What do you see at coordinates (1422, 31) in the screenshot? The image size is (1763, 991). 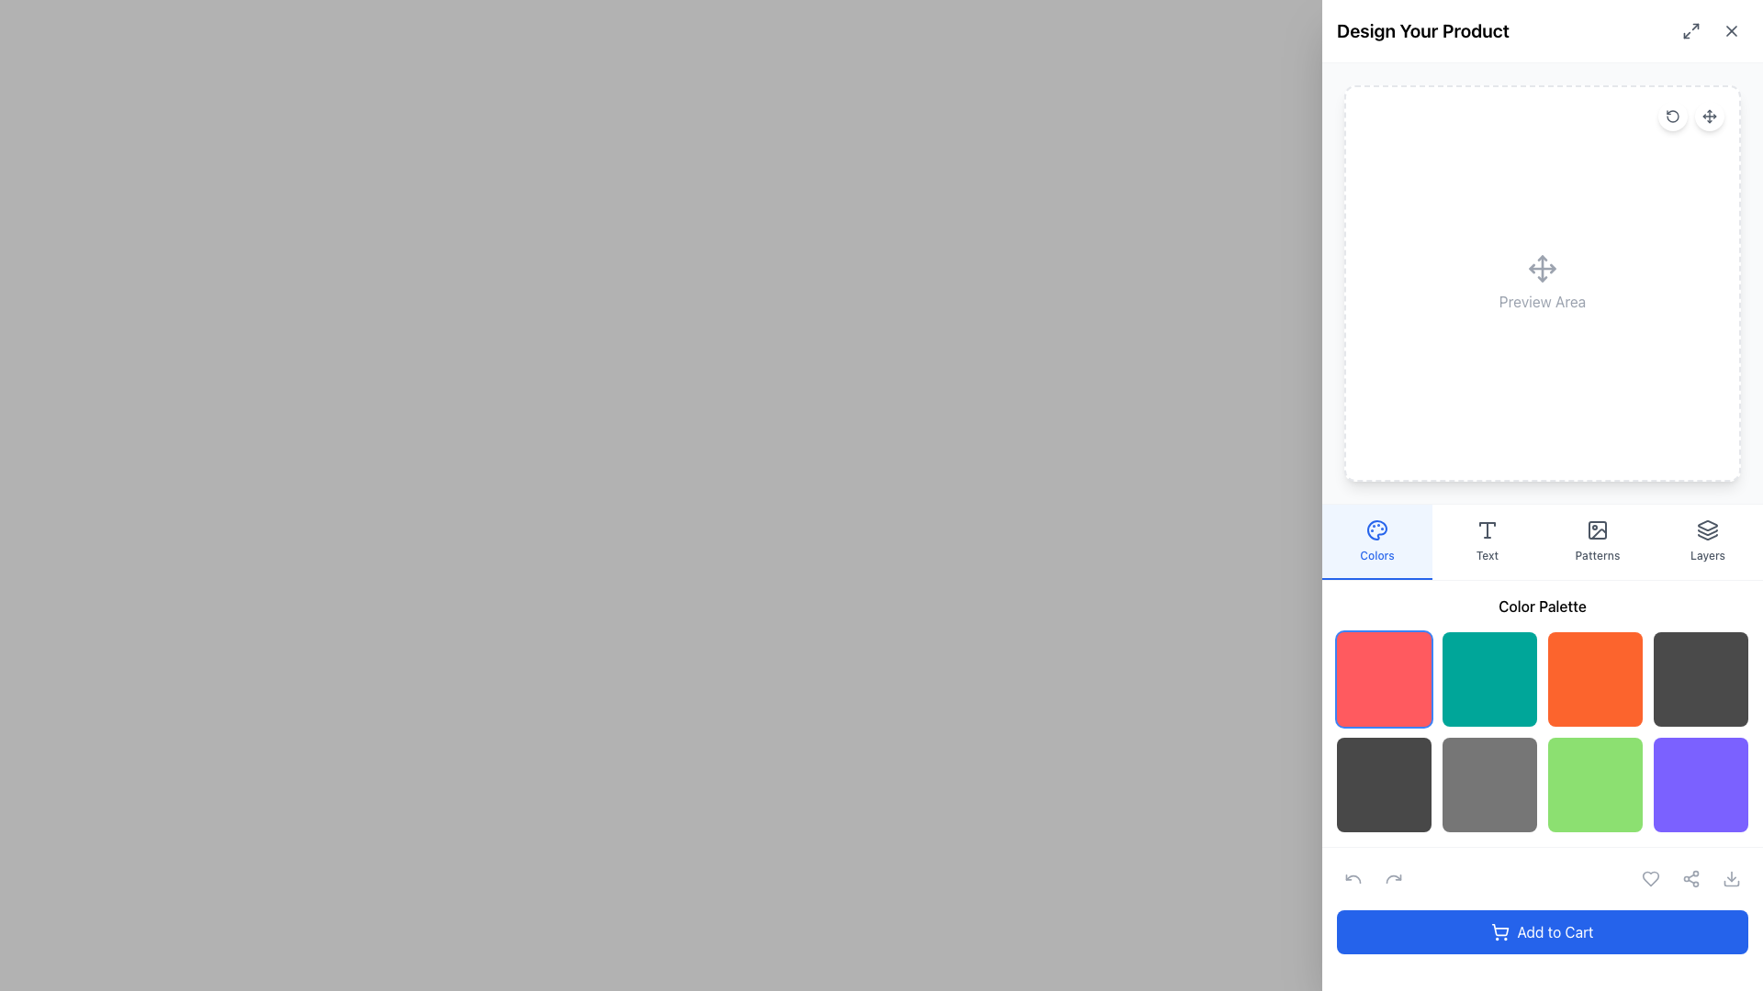 I see `the Text Label situated at the top of the right-side panel, which serves as a header for the current interface` at bounding box center [1422, 31].